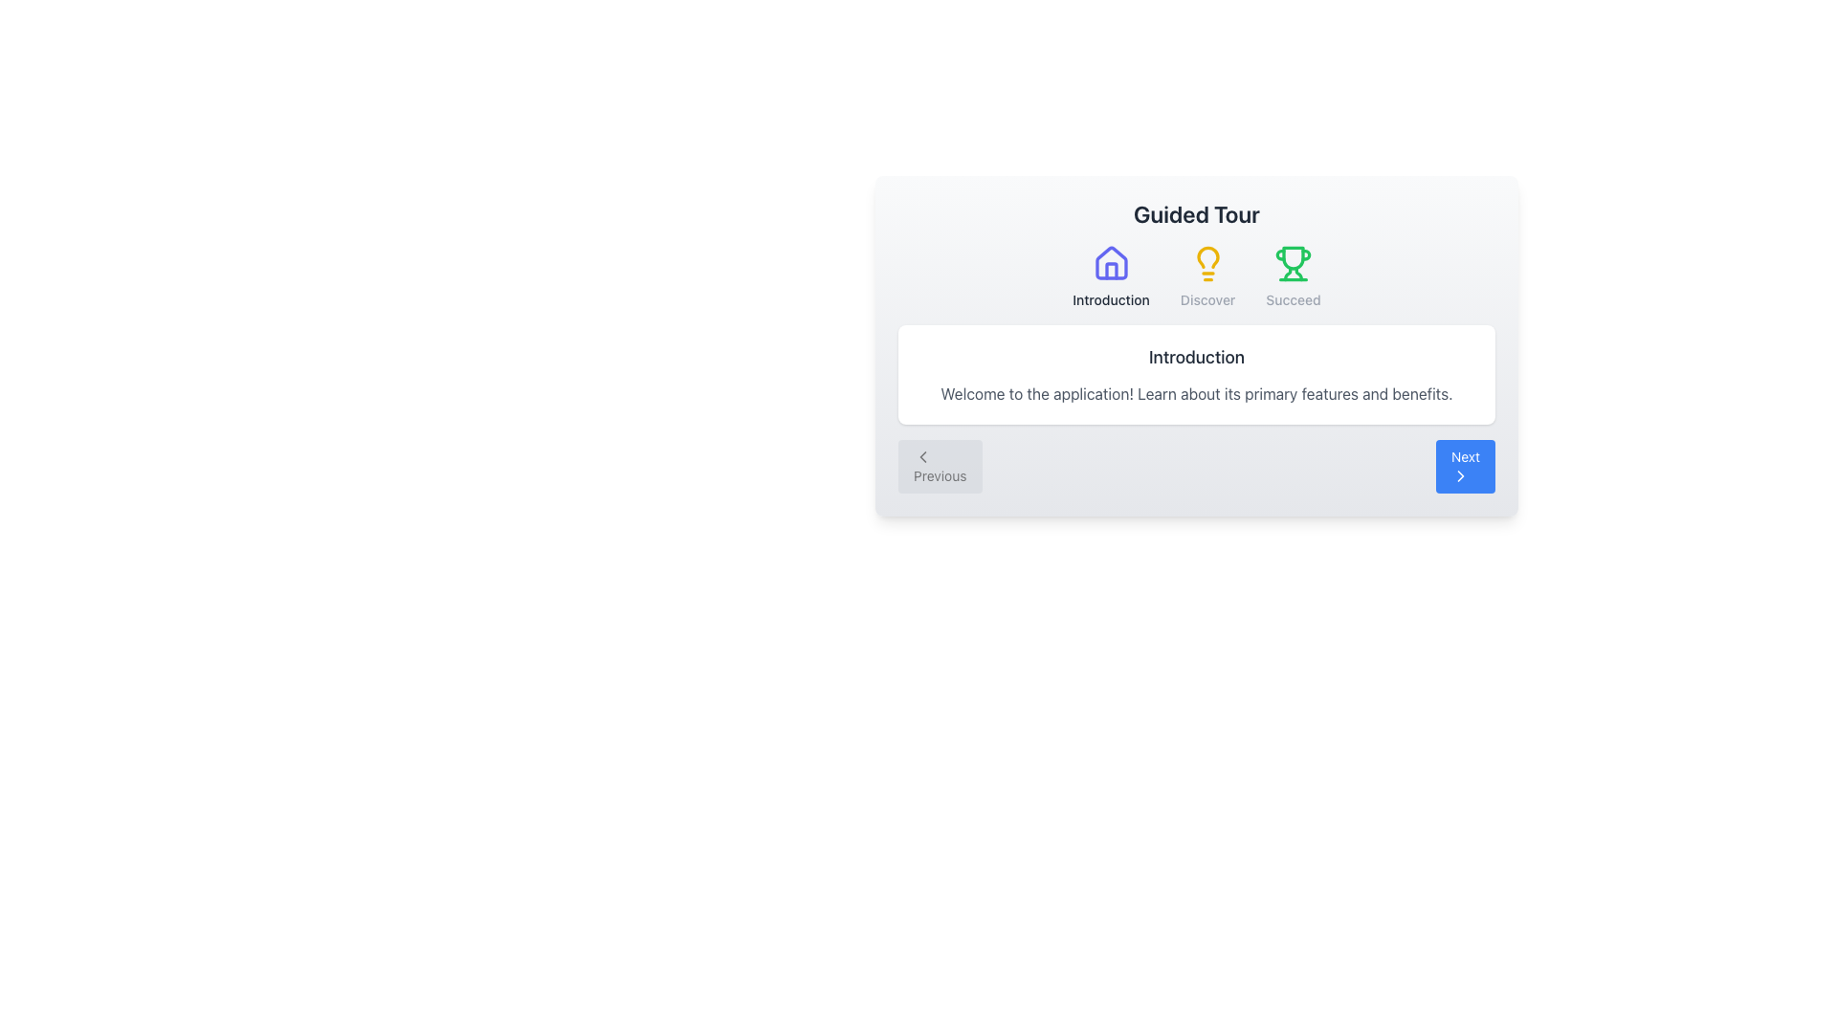  I want to click on the left-facing chevron icon next to the 'Previous' button, so click(922, 457).